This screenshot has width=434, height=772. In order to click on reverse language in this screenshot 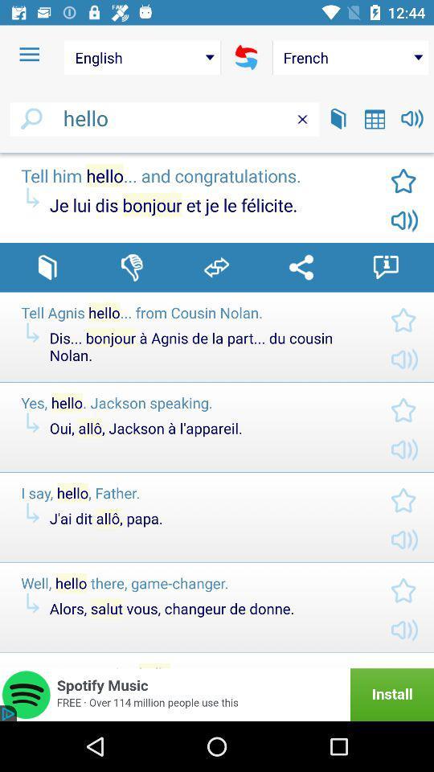, I will do `click(246, 57)`.